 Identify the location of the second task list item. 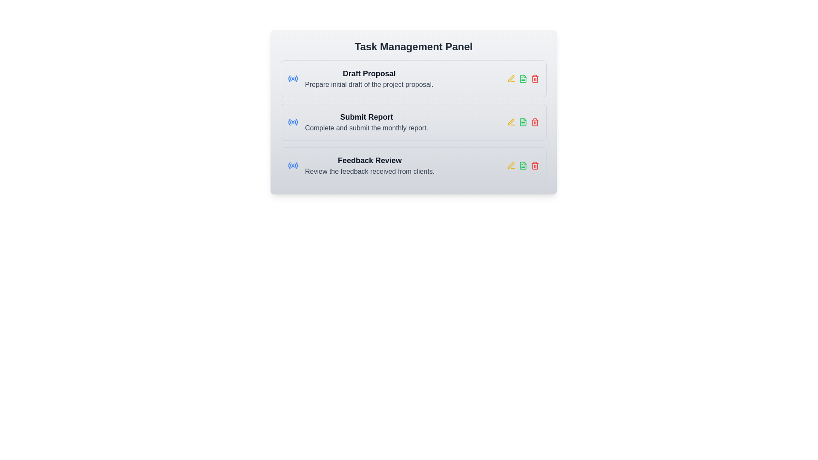
(413, 111).